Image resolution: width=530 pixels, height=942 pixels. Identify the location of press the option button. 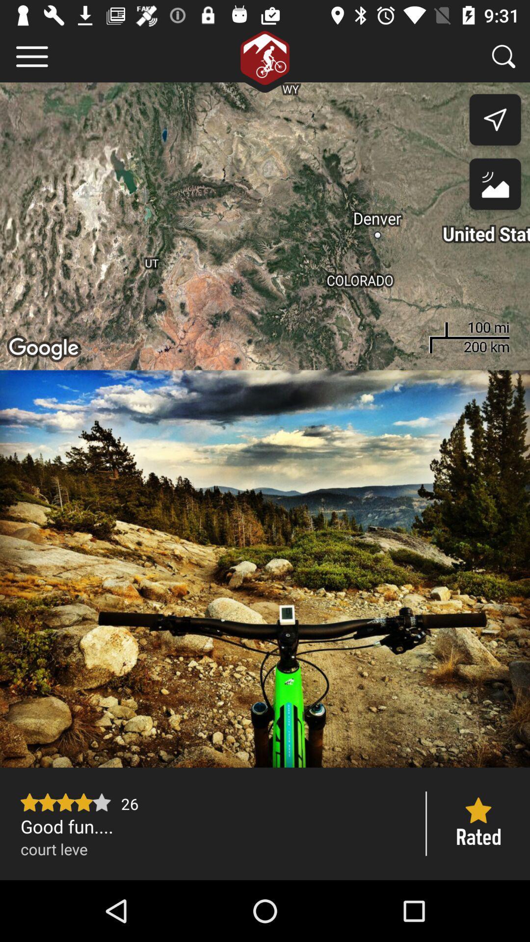
(31, 56).